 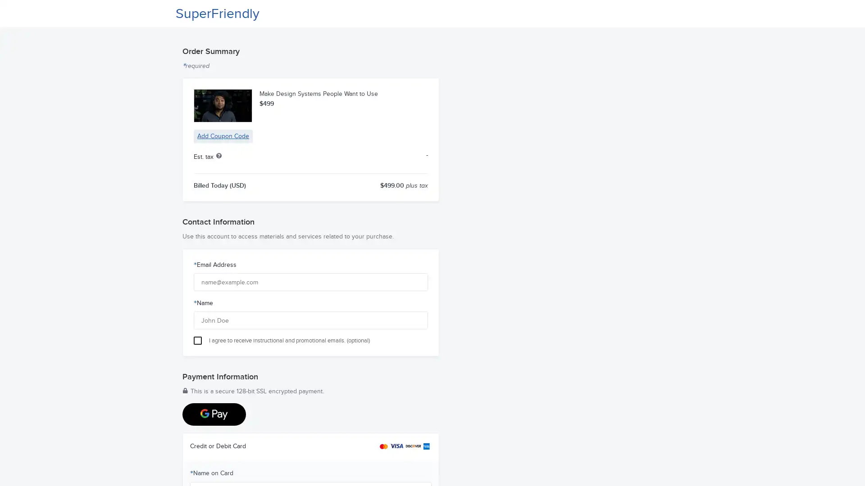 I want to click on Google Pay, so click(x=214, y=414).